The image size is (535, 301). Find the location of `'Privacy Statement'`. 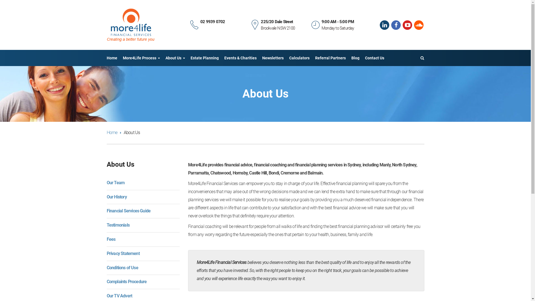

'Privacy Statement' is located at coordinates (106, 253).